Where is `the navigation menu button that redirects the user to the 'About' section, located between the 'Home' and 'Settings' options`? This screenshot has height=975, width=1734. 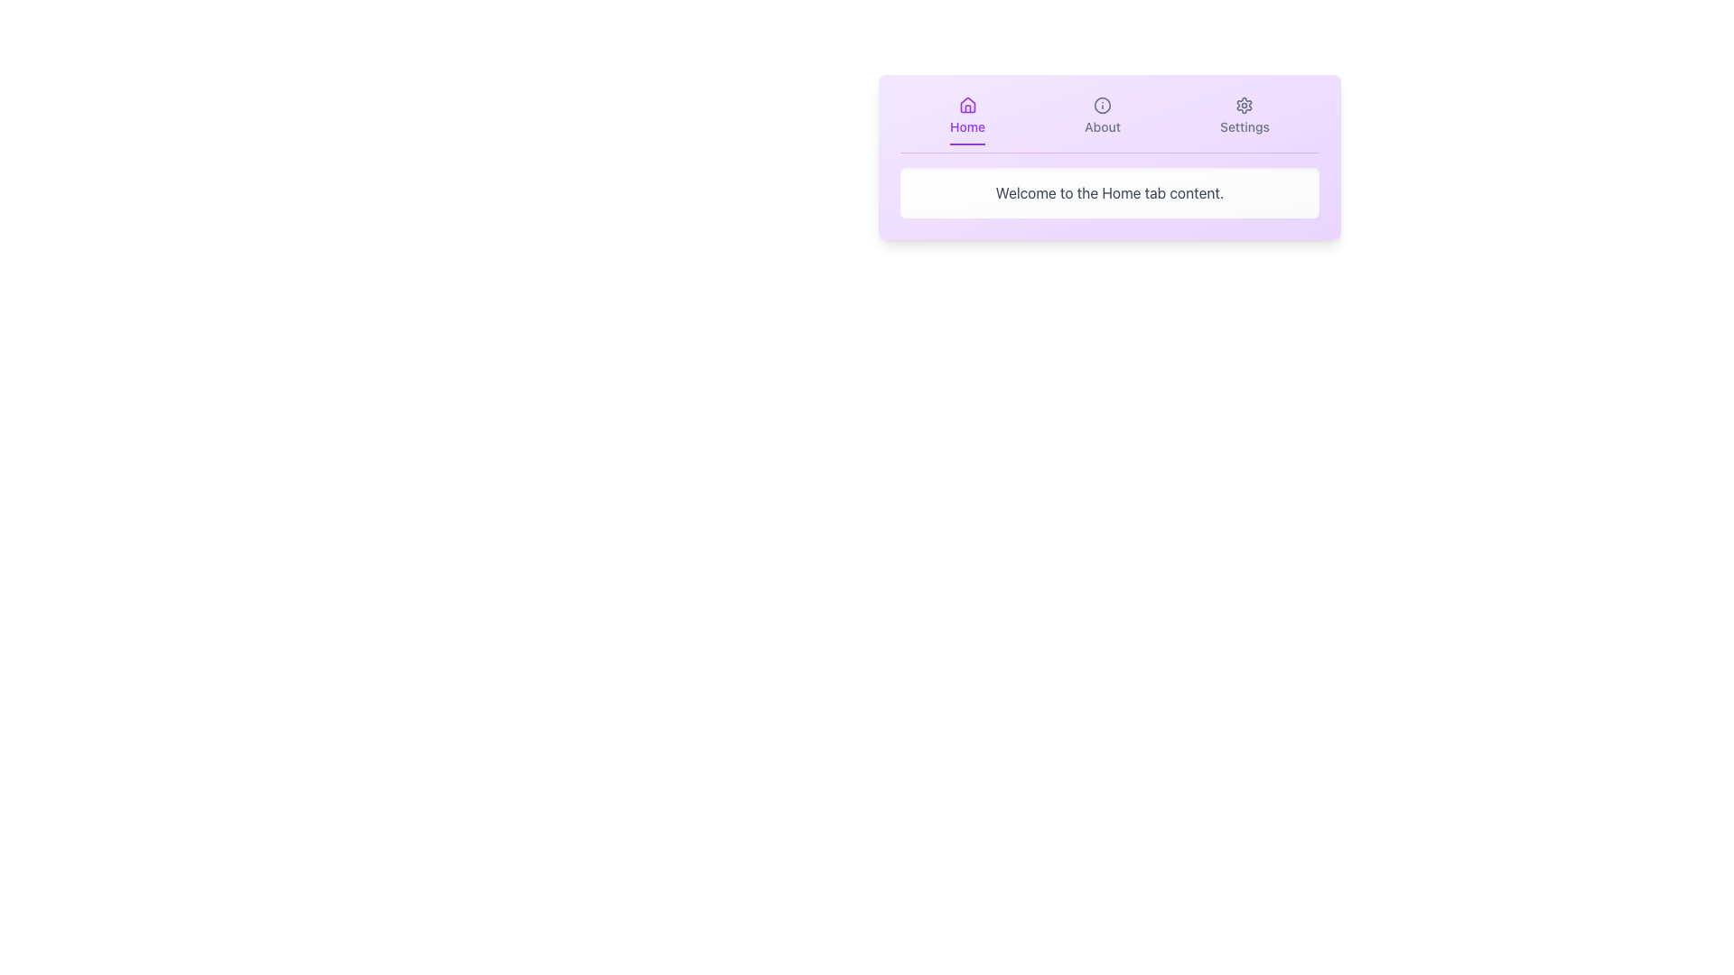
the navigation menu button that redirects the user to the 'About' section, located between the 'Home' and 'Settings' options is located at coordinates (1101, 121).